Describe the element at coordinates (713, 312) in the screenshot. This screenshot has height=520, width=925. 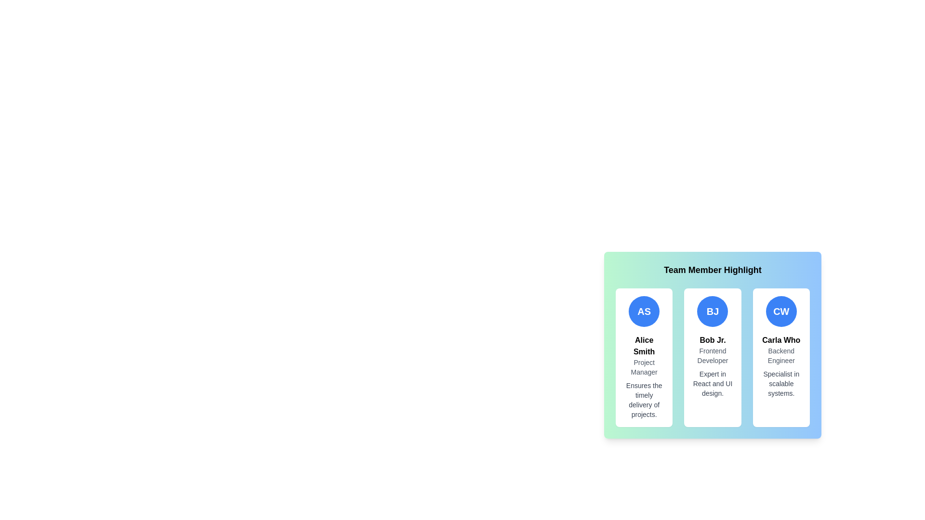
I see `the Circular Badge featuring bold white text 'BJ' on a blue background, located at the top of the profile card` at that location.